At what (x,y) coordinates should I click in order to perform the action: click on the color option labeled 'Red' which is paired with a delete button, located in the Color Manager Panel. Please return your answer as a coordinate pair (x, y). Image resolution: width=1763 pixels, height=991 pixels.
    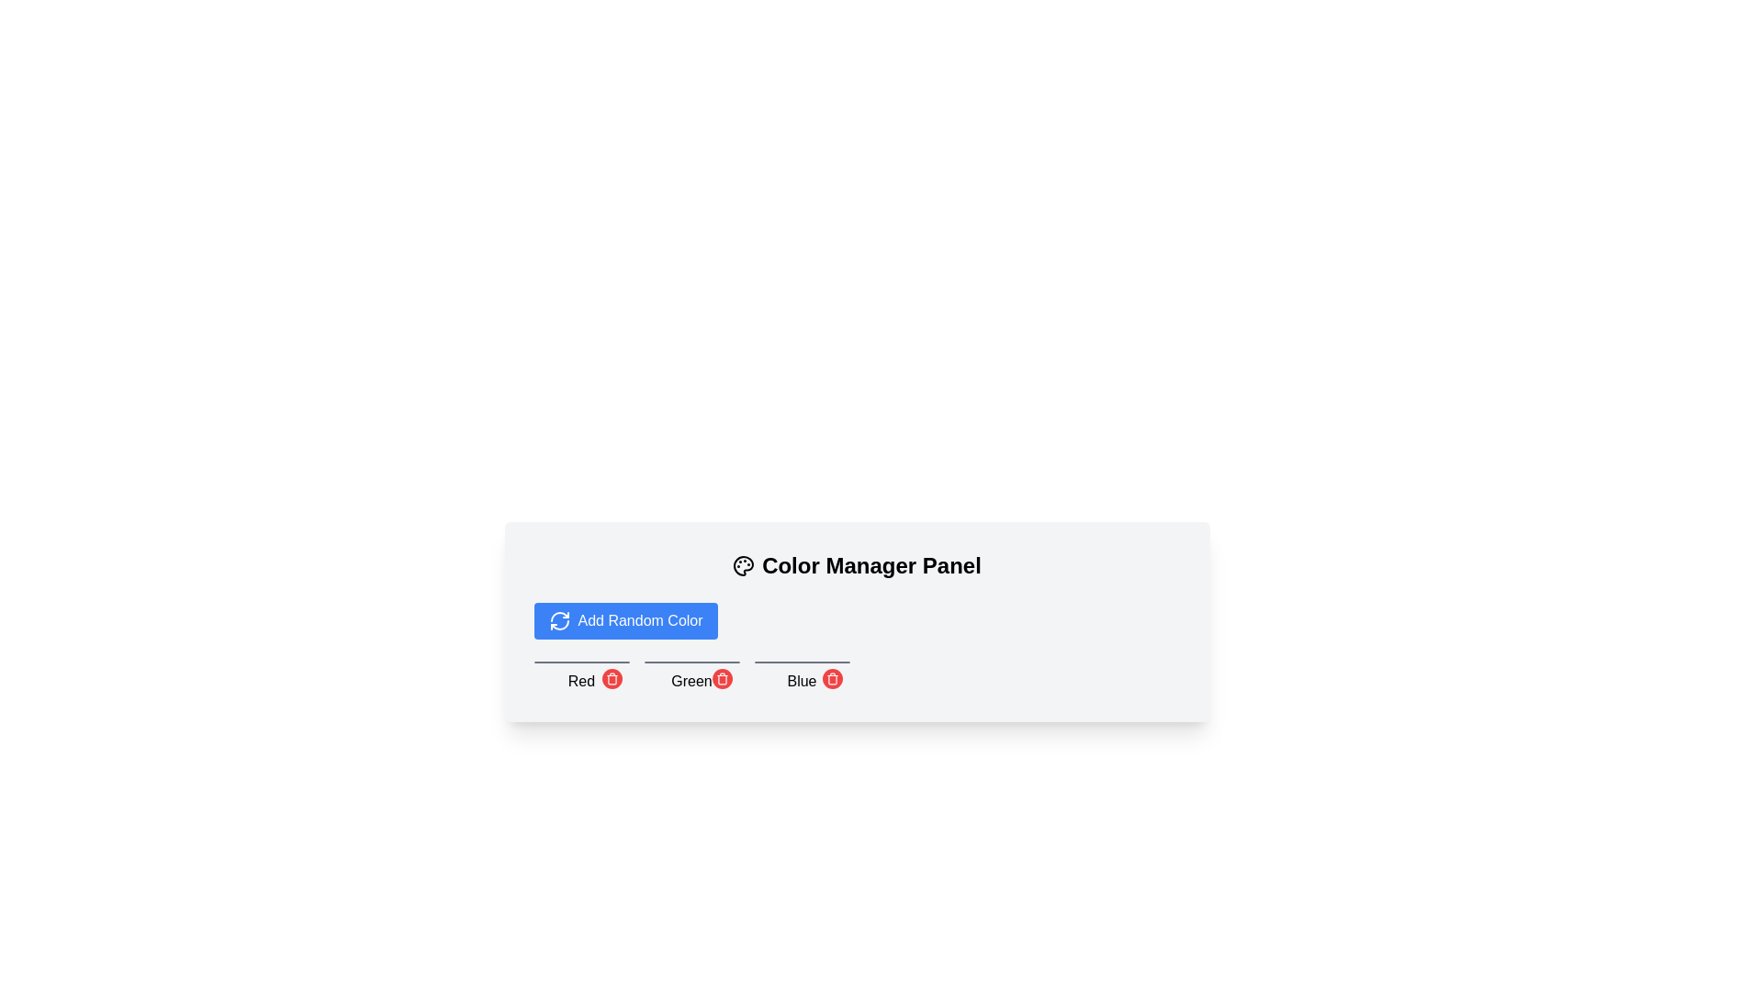
    Looking at the image, I should click on (580, 676).